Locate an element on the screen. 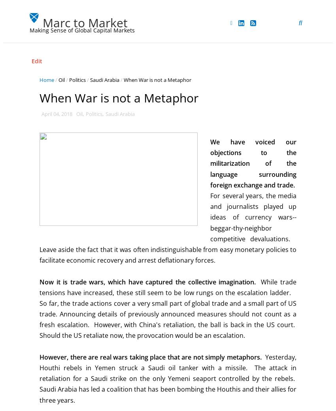 The width and height of the screenshot is (336, 411). 'Making Sense of Global Capital Markets' is located at coordinates (81, 30).